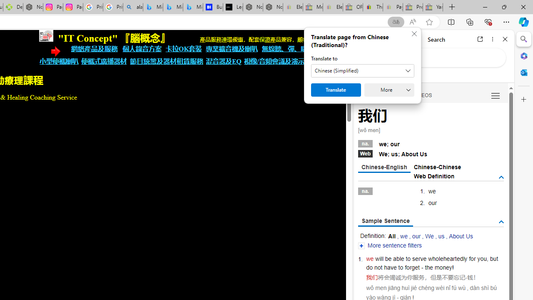 This screenshot has width=533, height=300. I want to click on '!', so click(453, 267).